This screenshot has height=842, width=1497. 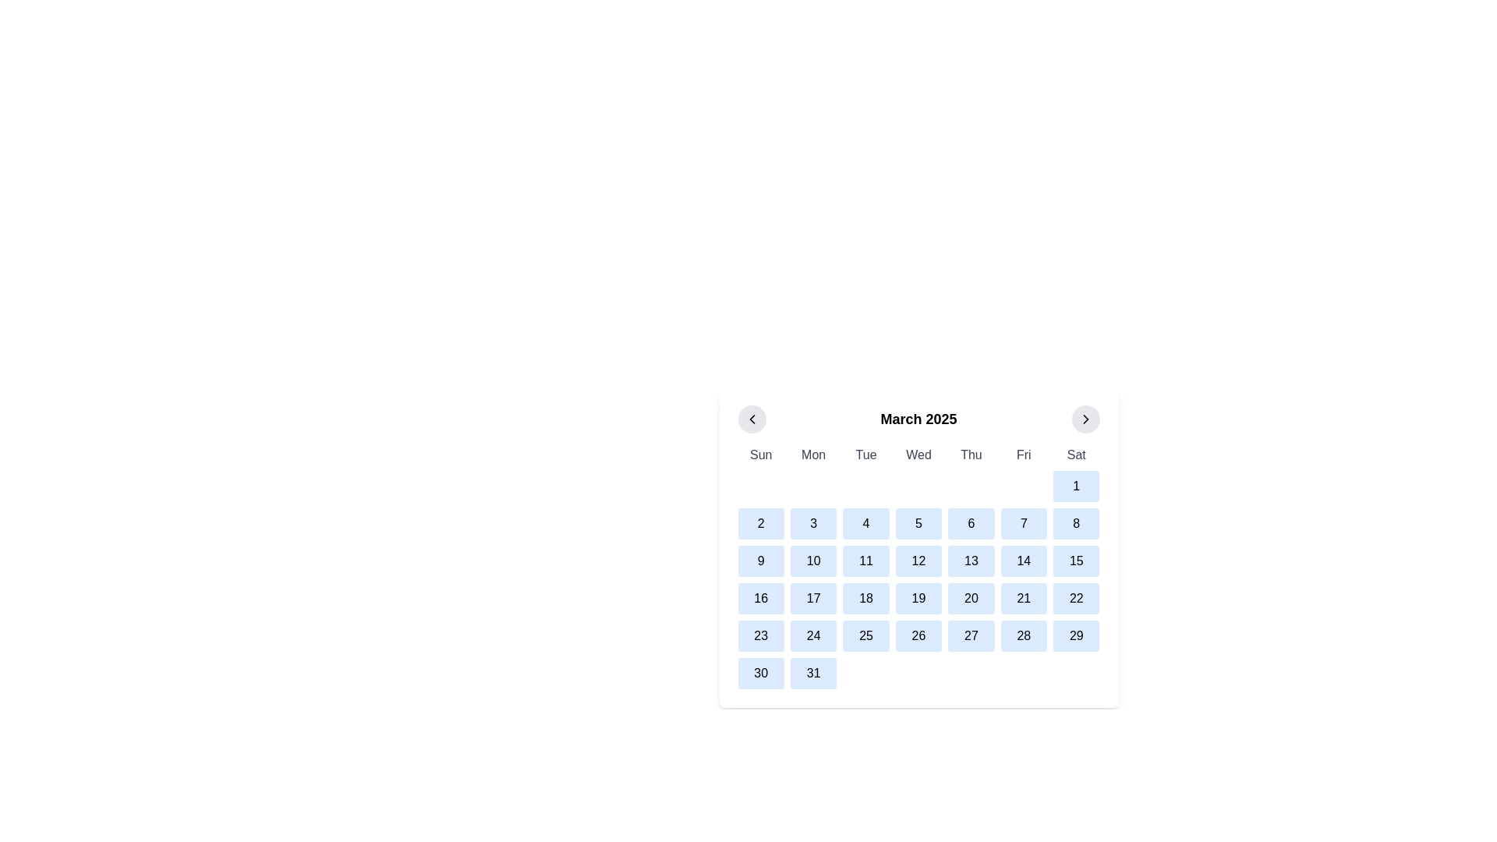 I want to click on the button representing the date '9' in the calendar view, so click(x=761, y=561).